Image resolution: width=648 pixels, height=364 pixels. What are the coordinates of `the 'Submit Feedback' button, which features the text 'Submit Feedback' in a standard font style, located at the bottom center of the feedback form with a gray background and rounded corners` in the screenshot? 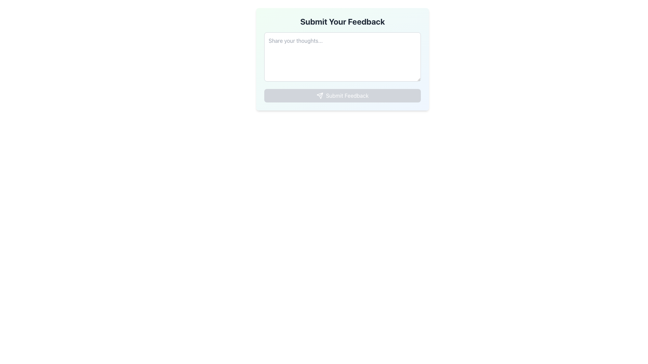 It's located at (347, 96).